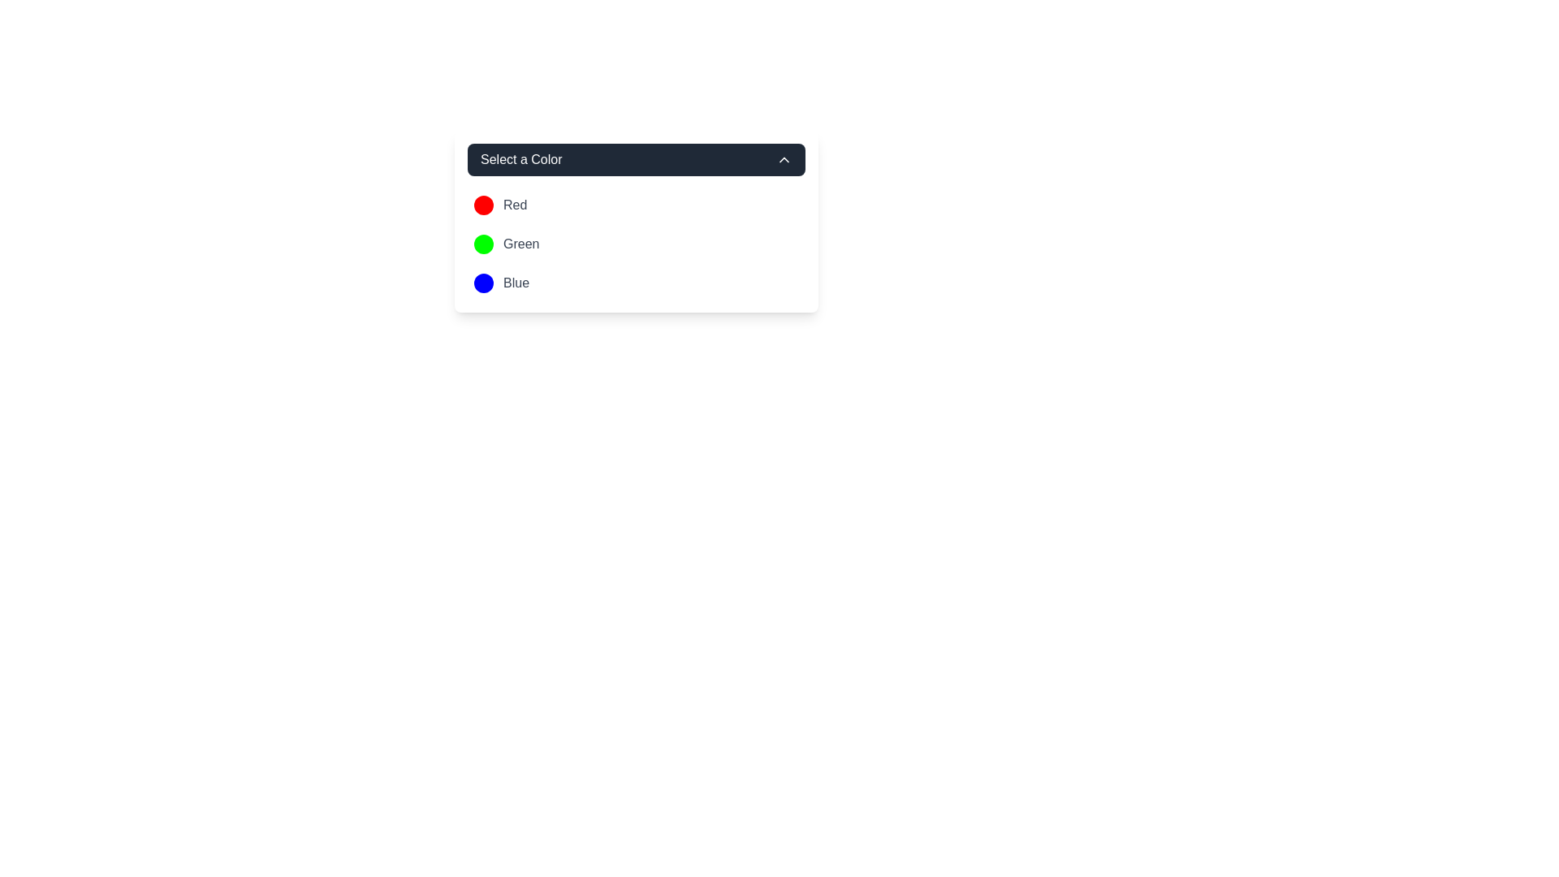  What do you see at coordinates (482, 282) in the screenshot?
I see `the blue color indicator swatch, which is a circular shape located before the text label 'Blue' in the dropdown menu 'Select a Color'` at bounding box center [482, 282].